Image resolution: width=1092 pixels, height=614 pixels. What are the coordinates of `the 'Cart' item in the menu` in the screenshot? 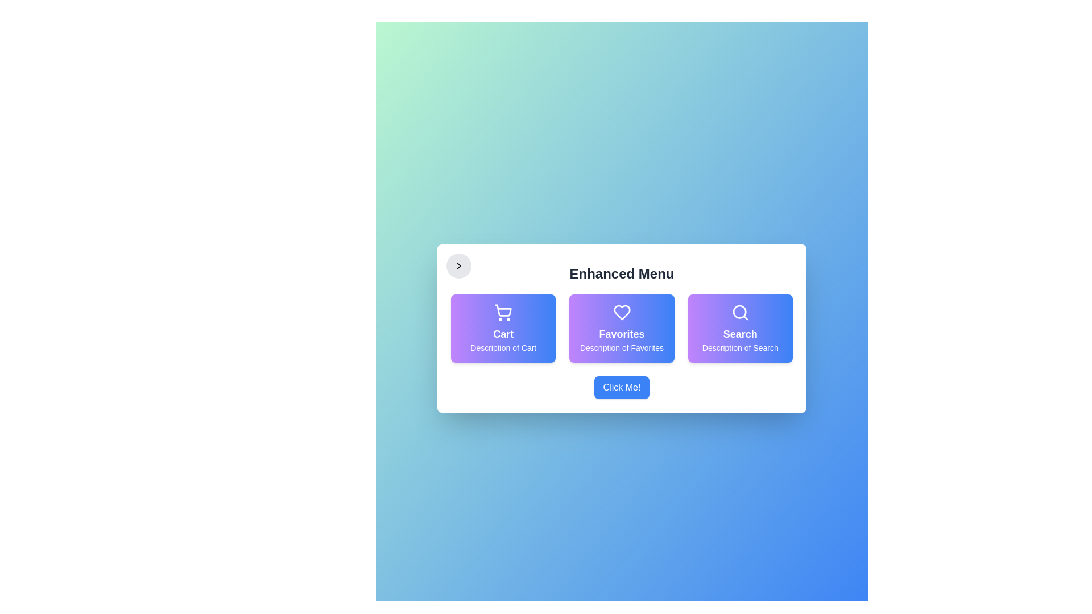 It's located at (503, 329).